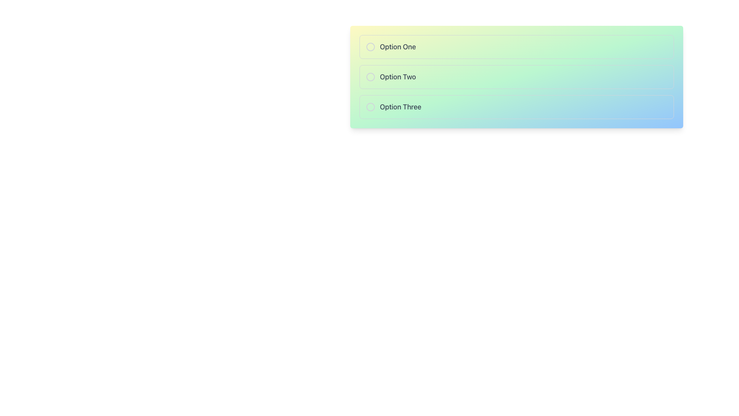 This screenshot has height=416, width=739. What do you see at coordinates (517, 107) in the screenshot?
I see `the button labeled 'Option Three' to observe its hover effects, which include light hover effects and a gradient background transitioning from green to blue` at bounding box center [517, 107].